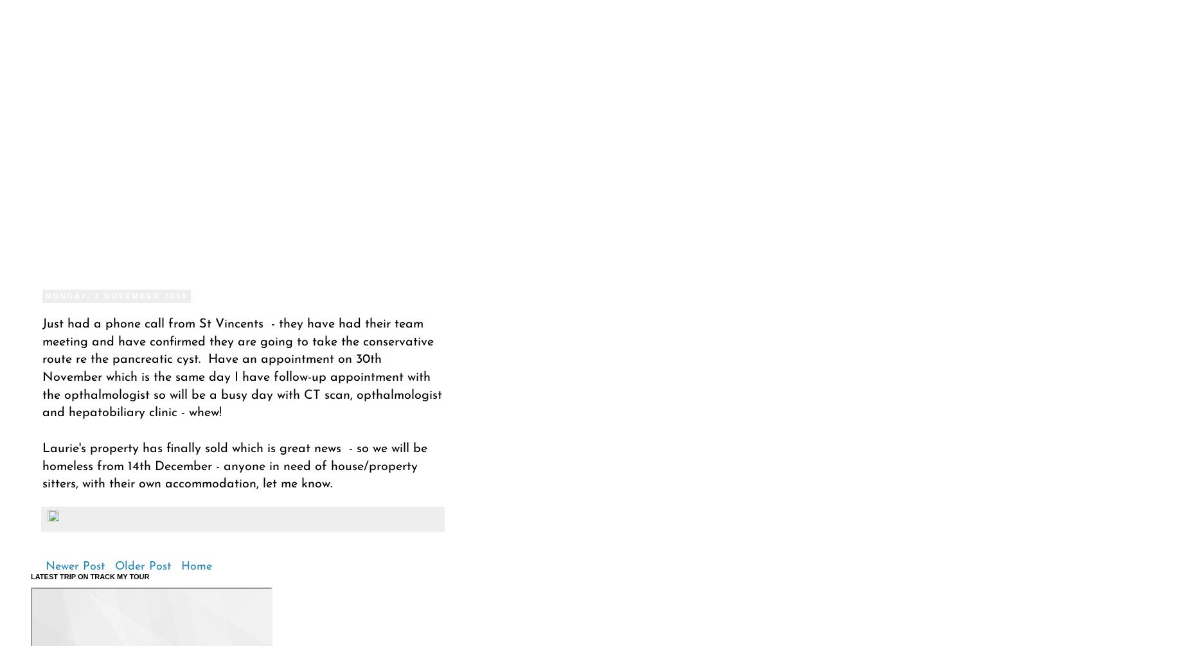 The height and width of the screenshot is (646, 1194). I want to click on 'Travels around Australia and Europe - you can do it!', so click(170, 121).